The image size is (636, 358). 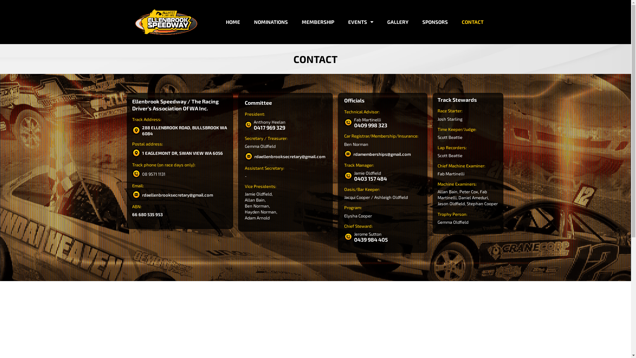 I want to click on 'MEMBERSHIP', so click(x=318, y=22).